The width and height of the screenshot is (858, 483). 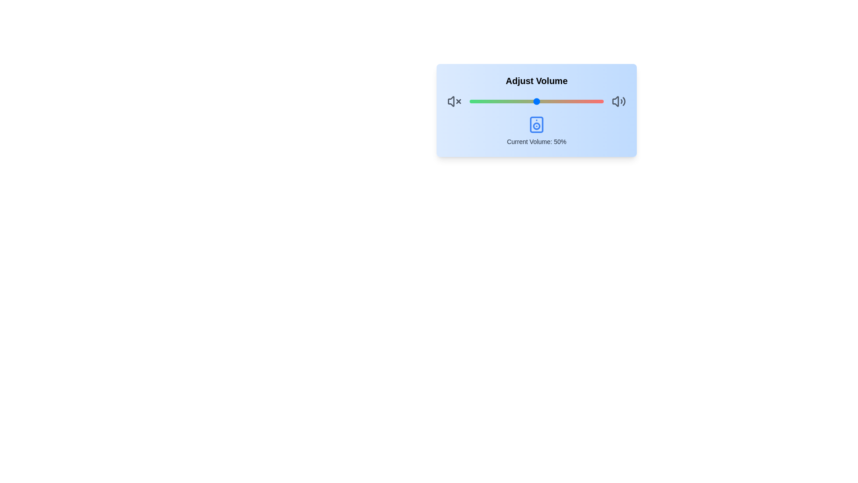 What do you see at coordinates (585, 101) in the screenshot?
I see `the volume slider to 86%` at bounding box center [585, 101].